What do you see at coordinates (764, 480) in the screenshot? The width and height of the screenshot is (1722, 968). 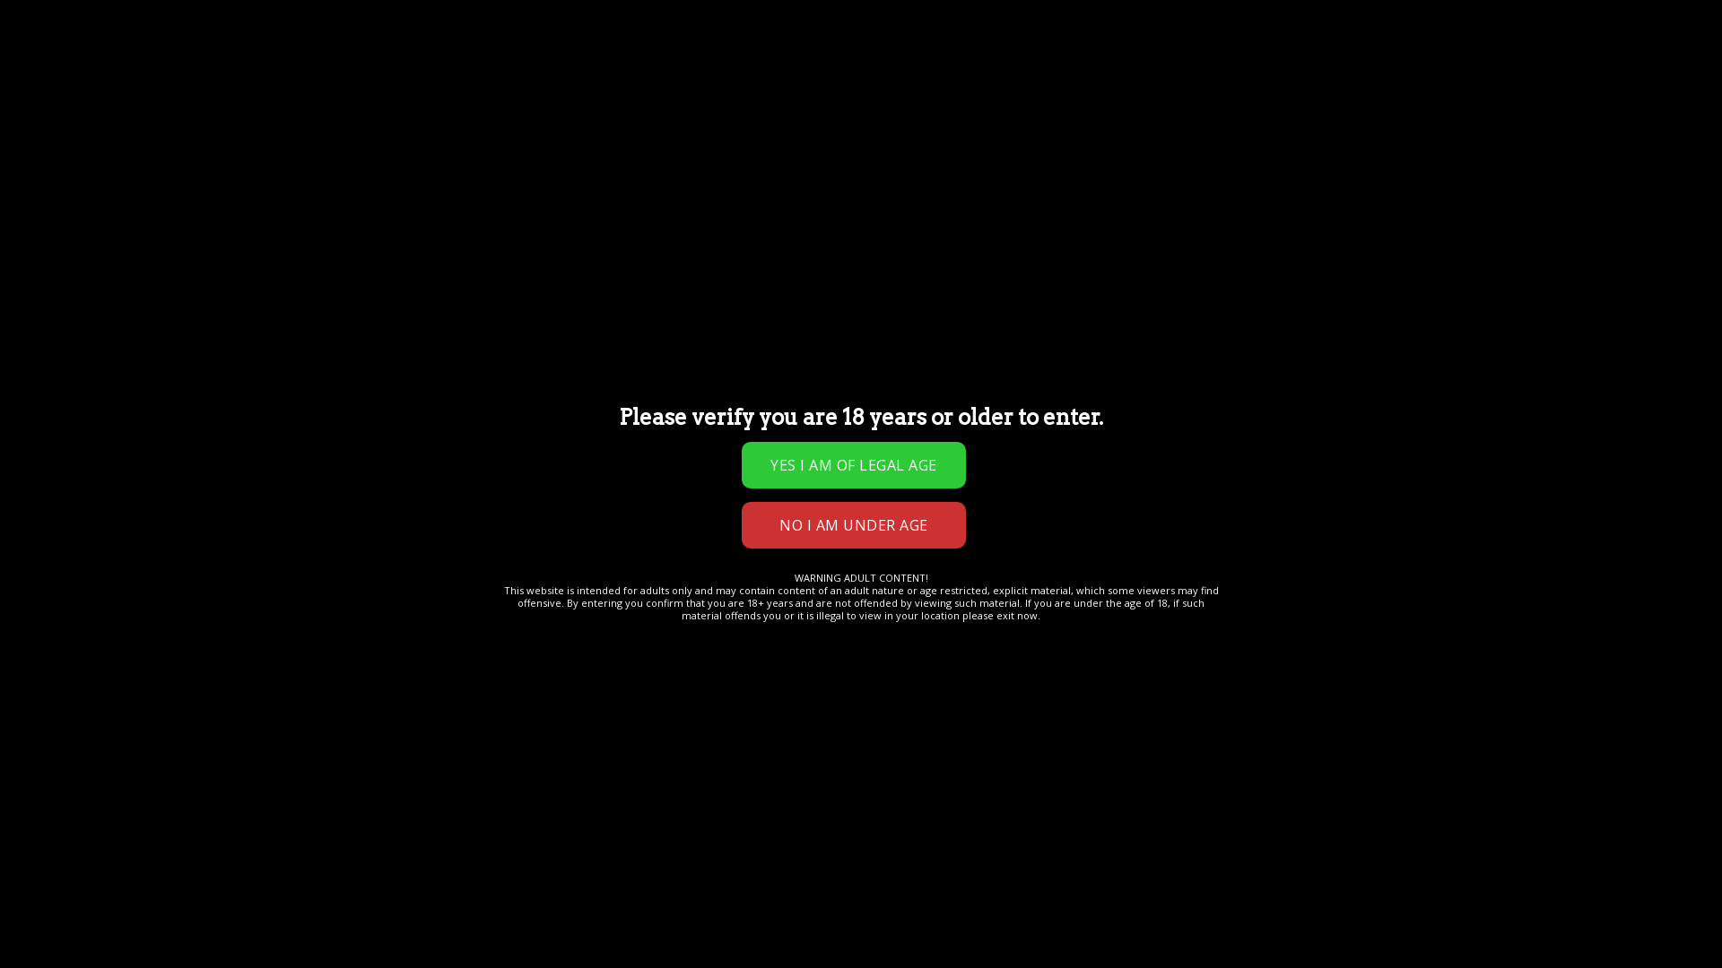 I see `'Share on LinkedIn'` at bounding box center [764, 480].